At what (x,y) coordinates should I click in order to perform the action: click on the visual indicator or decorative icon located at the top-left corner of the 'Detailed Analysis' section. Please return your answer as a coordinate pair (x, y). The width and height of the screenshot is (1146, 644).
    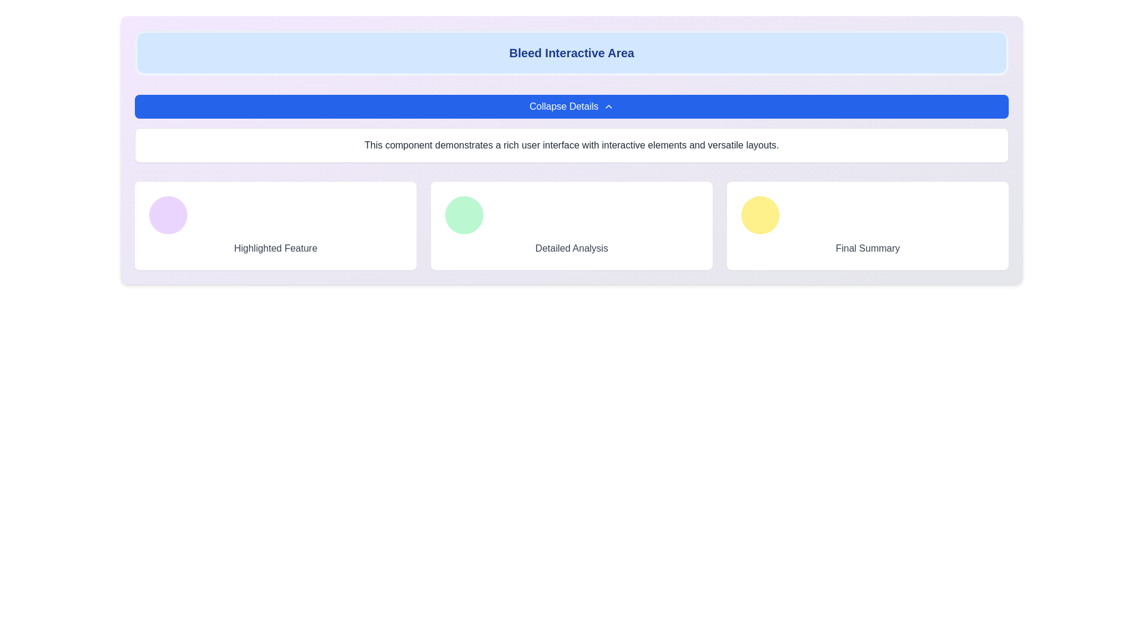
    Looking at the image, I should click on (463, 215).